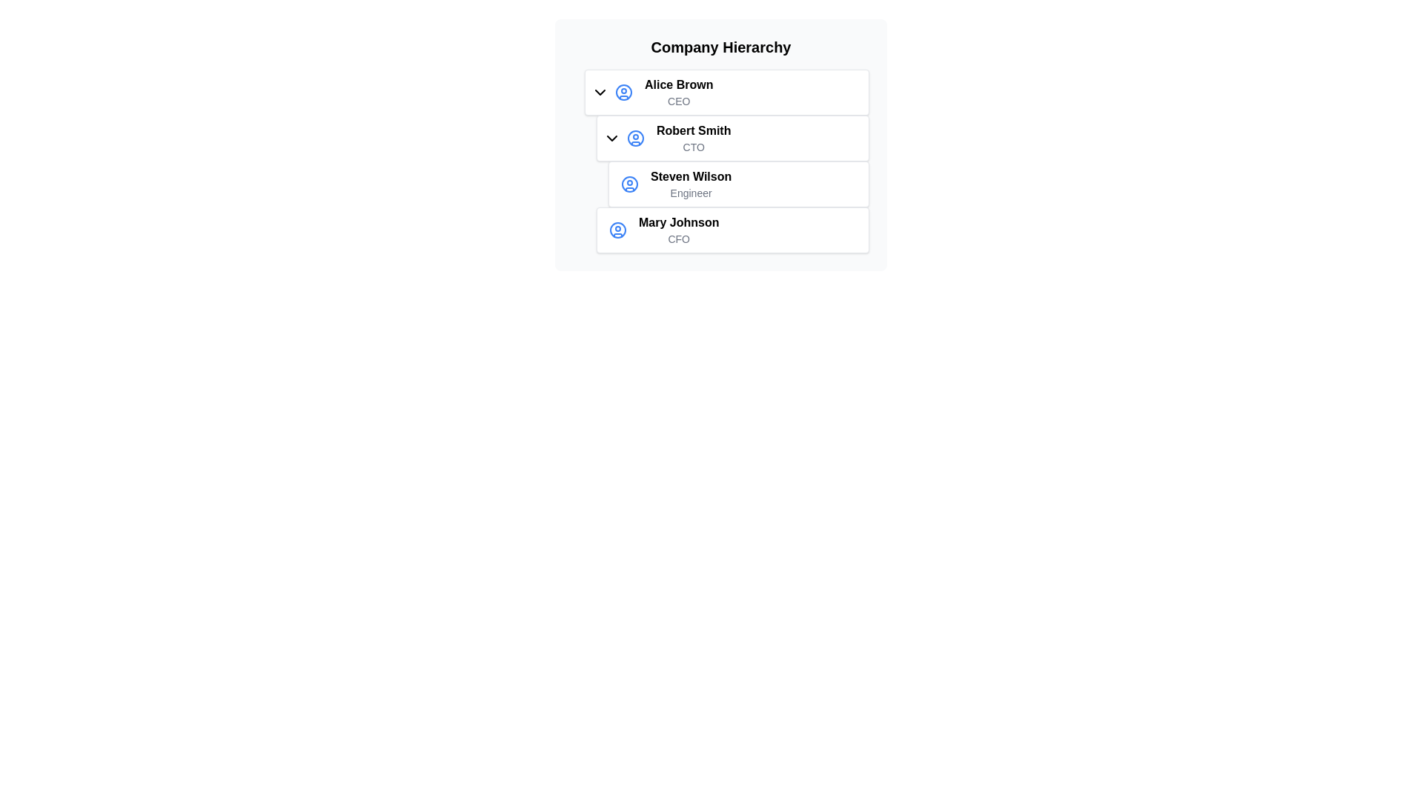 Image resolution: width=1423 pixels, height=800 pixels. I want to click on the fourth list item, so click(732, 230).